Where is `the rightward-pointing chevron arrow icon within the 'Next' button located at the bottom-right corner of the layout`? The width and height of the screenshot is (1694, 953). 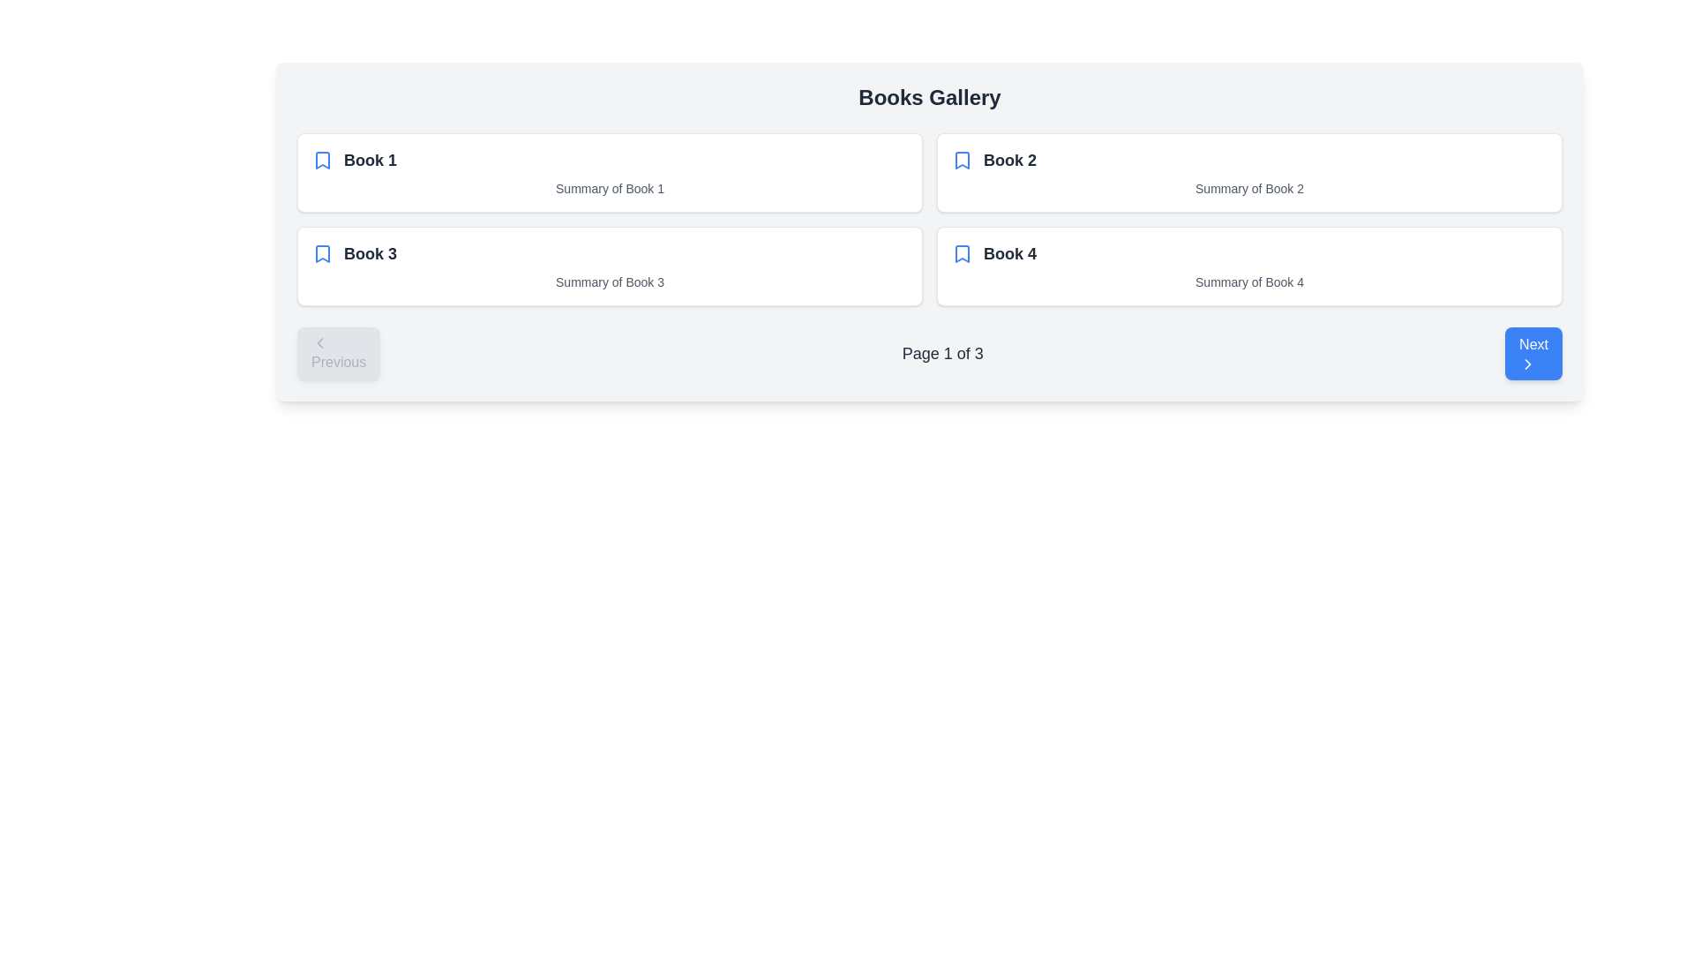
the rightward-pointing chevron arrow icon within the 'Next' button located at the bottom-right corner of the layout is located at coordinates (1527, 363).